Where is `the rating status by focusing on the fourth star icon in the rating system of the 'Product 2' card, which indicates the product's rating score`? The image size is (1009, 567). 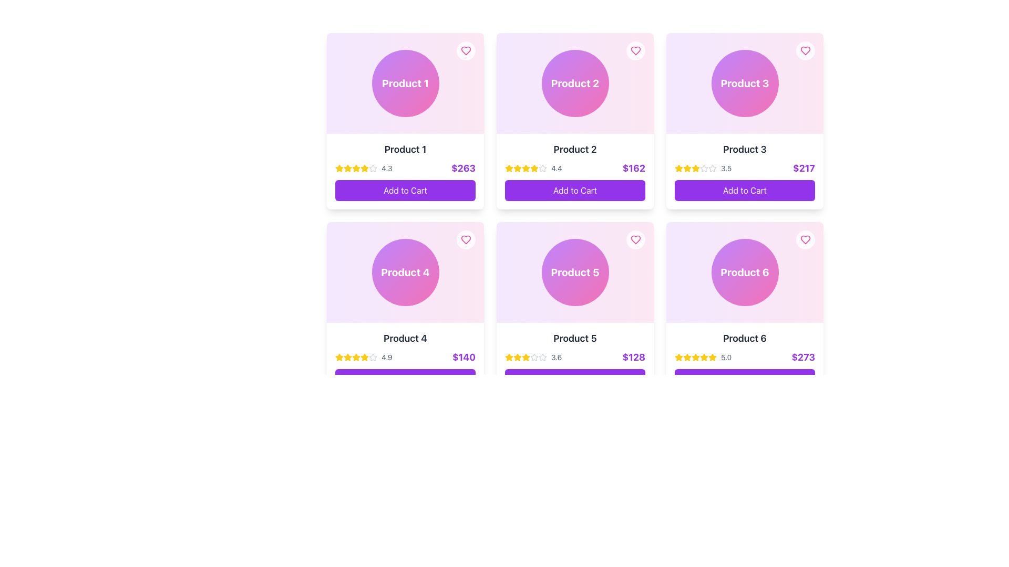
the rating status by focusing on the fourth star icon in the rating system of the 'Product 2' card, which indicates the product's rating score is located at coordinates (534, 167).